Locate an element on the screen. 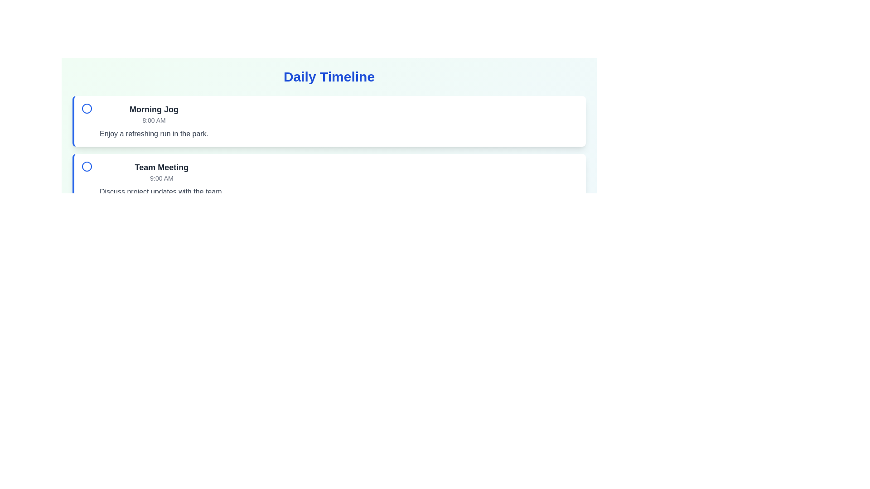 This screenshot has height=489, width=870. information from the text label displaying 'Morning Jog' which is bold and dark gray, located in the top-left quadrant of the Daily Timeline component is located at coordinates (154, 109).